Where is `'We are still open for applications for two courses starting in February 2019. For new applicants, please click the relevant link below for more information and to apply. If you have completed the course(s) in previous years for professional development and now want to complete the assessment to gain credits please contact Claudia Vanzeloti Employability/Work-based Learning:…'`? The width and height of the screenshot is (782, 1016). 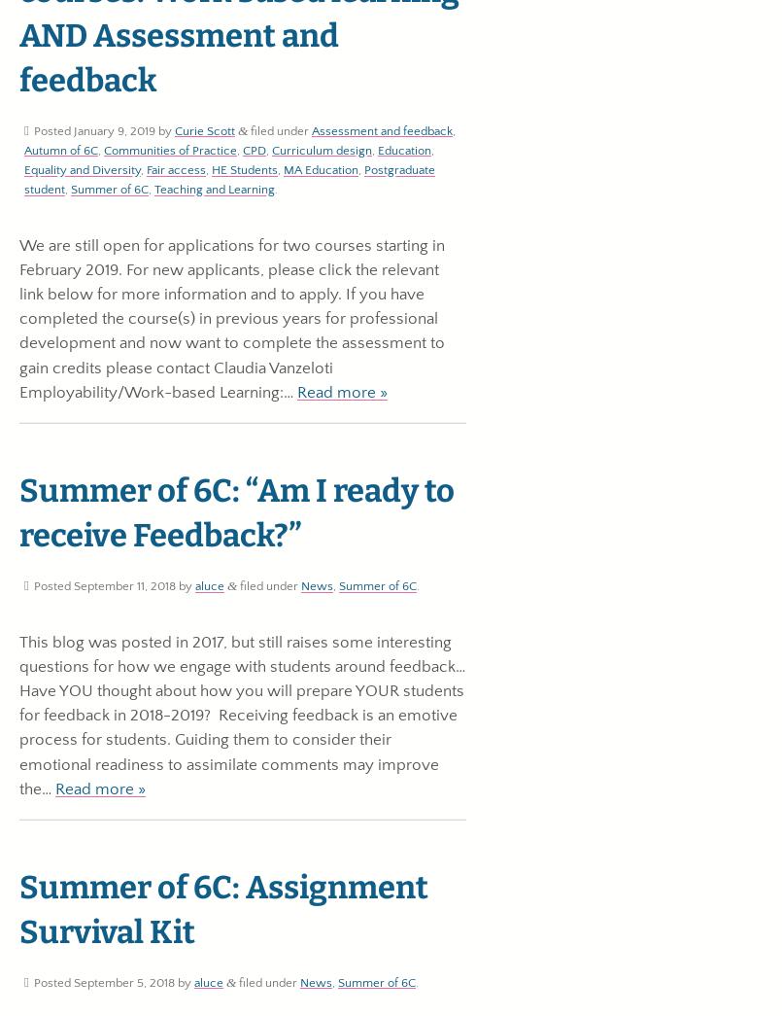
'We are still open for applications for two courses starting in February 2019. For new applicants, please click the relevant link below for more information and to apply. If you have completed the course(s) in previous years for professional development and now want to complete the assessment to gain credits please contact Claudia Vanzeloti Employability/Work-based Learning:…' is located at coordinates (232, 318).